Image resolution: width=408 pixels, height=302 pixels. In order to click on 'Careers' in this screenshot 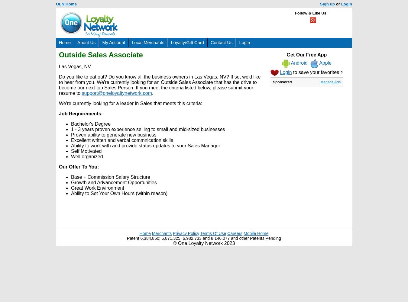, I will do `click(235, 233)`.